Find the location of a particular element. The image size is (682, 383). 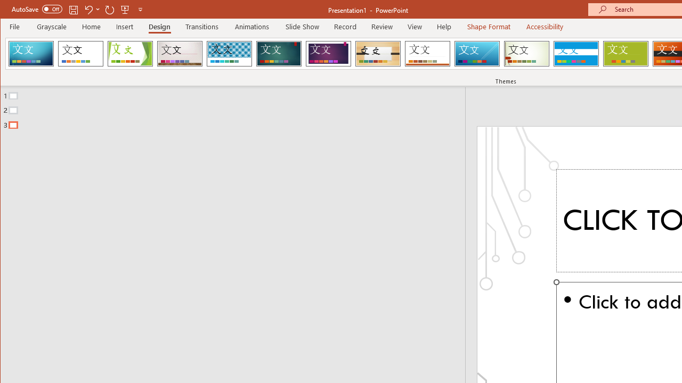

'Record' is located at coordinates (345, 26).